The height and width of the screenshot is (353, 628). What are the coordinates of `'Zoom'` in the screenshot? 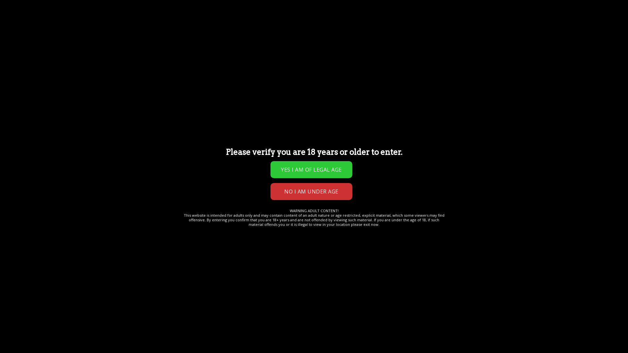 It's located at (87, 210).